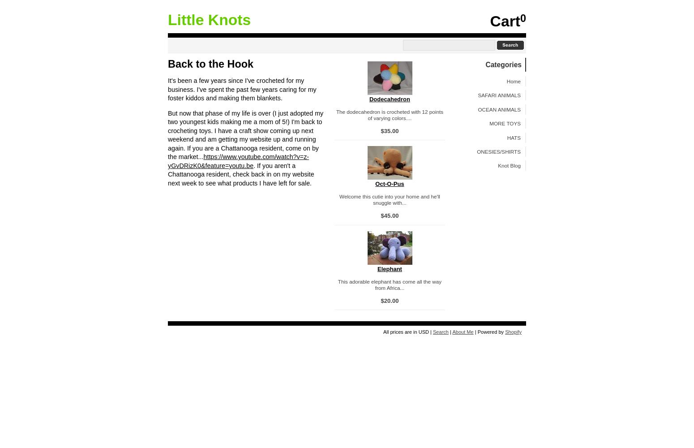 Image resolution: width=694 pixels, height=448 pixels. I want to click on 'HATS', so click(513, 137).